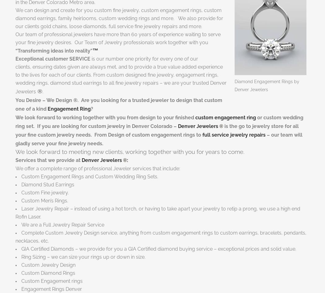 The height and width of the screenshot is (293, 325). What do you see at coordinates (195, 117) in the screenshot?
I see `'custom engagement ring'` at bounding box center [195, 117].